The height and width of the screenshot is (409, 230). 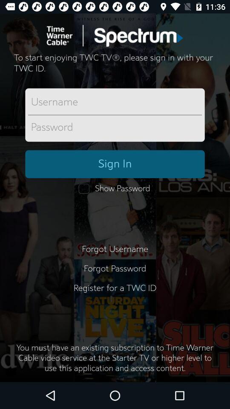 What do you see at coordinates (115, 293) in the screenshot?
I see `the icon below forgot password icon` at bounding box center [115, 293].